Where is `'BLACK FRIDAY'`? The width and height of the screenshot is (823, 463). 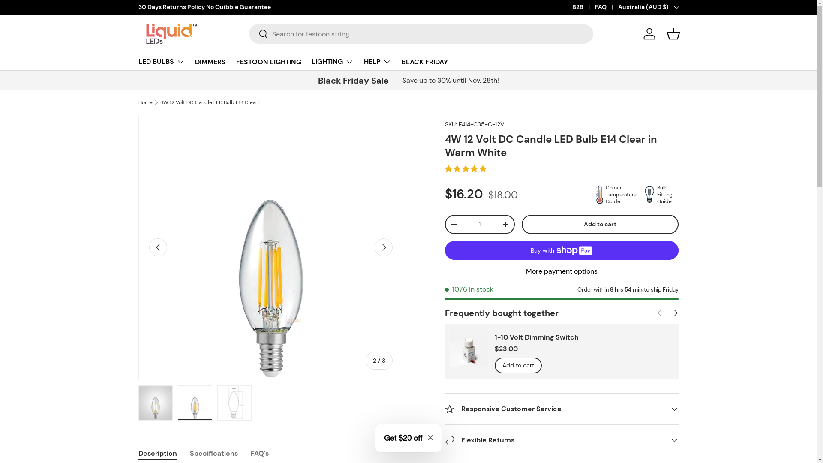
'BLACK FRIDAY' is located at coordinates (424, 61).